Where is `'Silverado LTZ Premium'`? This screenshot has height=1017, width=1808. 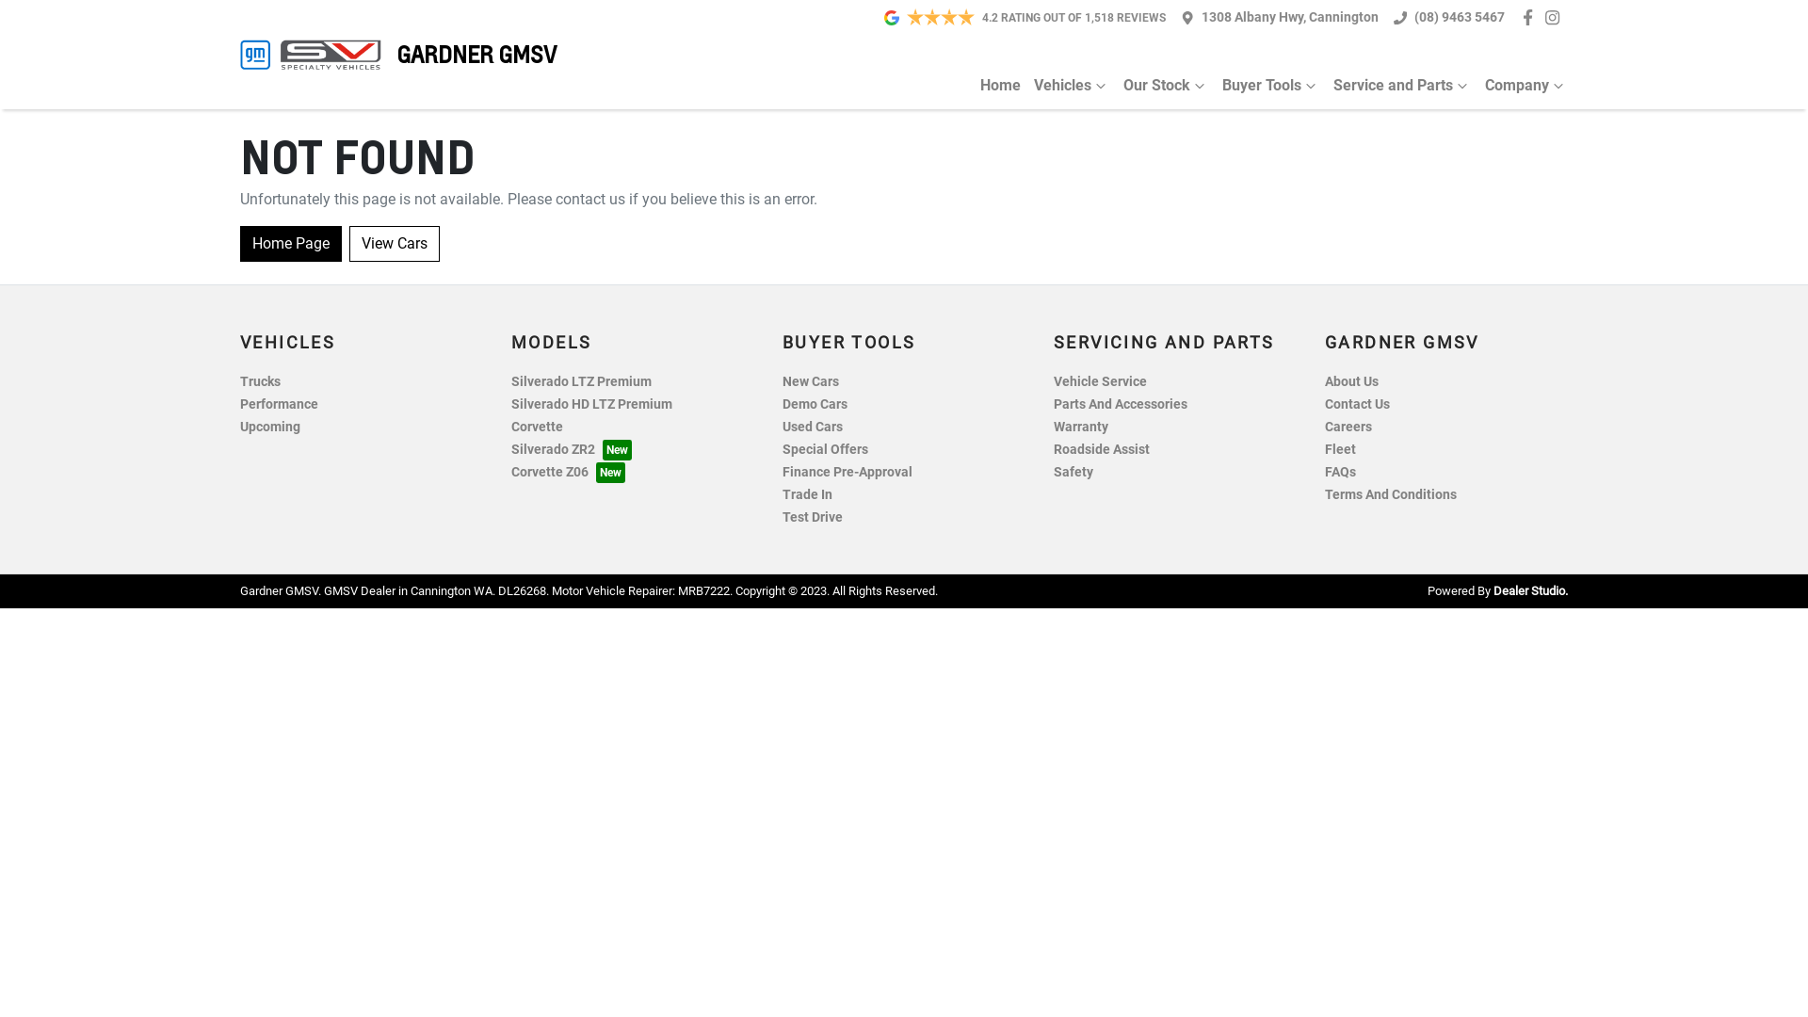 'Silverado LTZ Premium' is located at coordinates (510, 381).